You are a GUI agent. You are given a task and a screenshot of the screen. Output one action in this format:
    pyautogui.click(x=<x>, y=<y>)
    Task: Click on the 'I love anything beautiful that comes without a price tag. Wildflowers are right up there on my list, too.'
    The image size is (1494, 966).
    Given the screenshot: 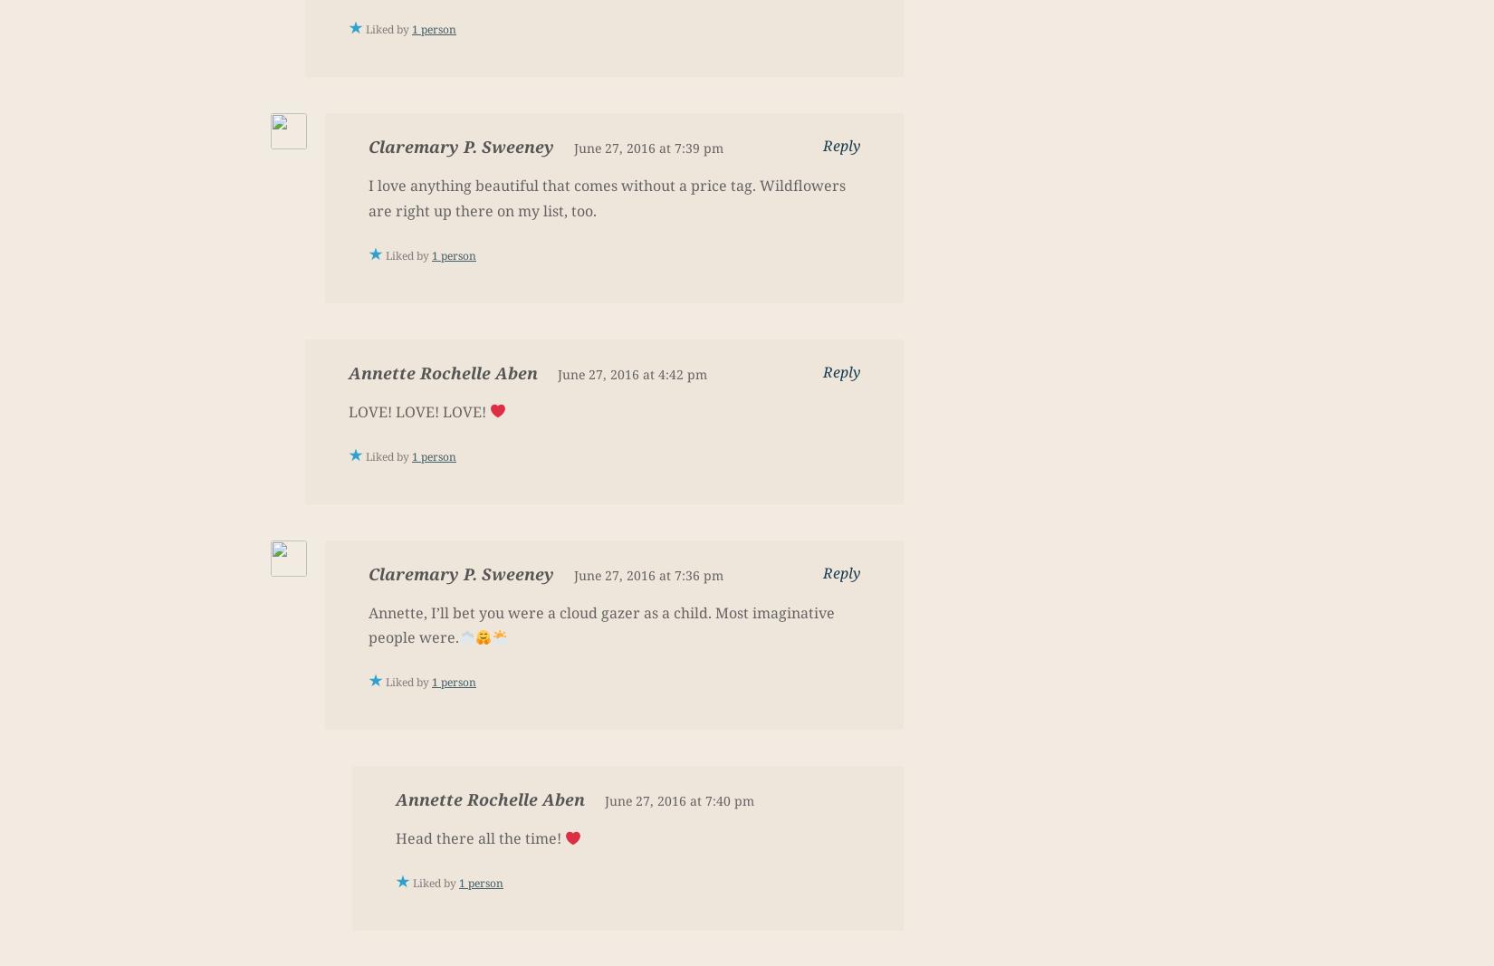 What is the action you would take?
    pyautogui.click(x=606, y=197)
    